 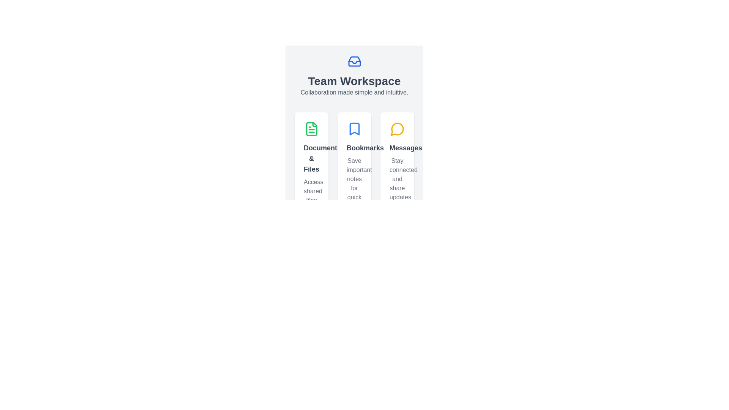 I want to click on the messaging icon located in the lower-right corner of the 'Messages' card, which is the third card in a vertical arrangement of three cards, so click(x=396, y=129).